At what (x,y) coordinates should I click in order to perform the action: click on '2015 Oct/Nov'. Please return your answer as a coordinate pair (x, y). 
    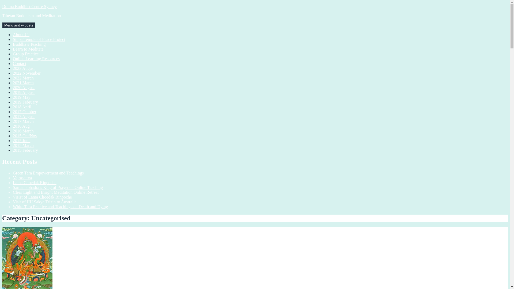
    Looking at the image, I should click on (25, 135).